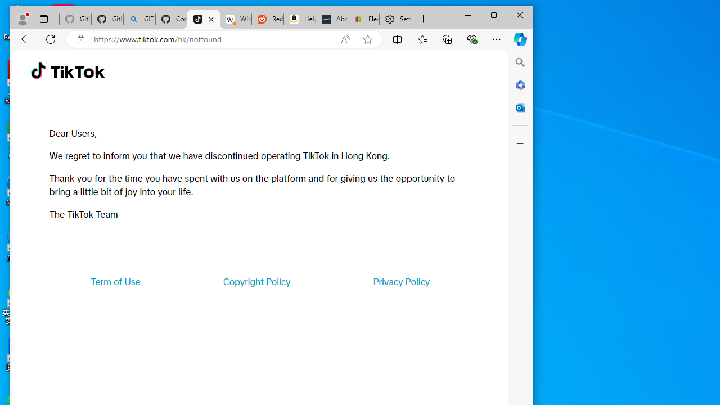 This screenshot has height=405, width=720. I want to click on 'Term of Use', so click(115, 281).